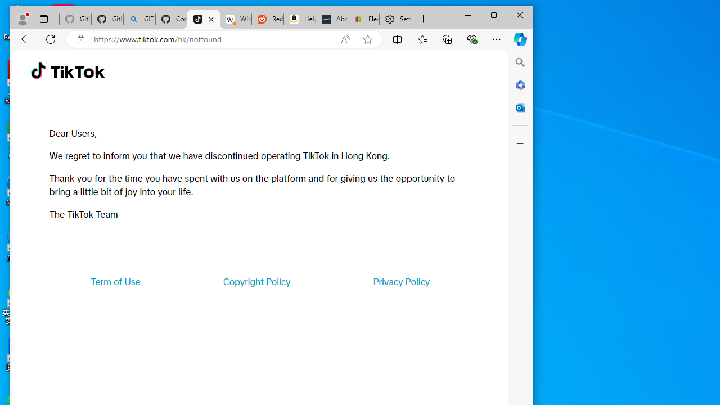 This screenshot has height=405, width=720. I want to click on 'Term of Use', so click(115, 281).